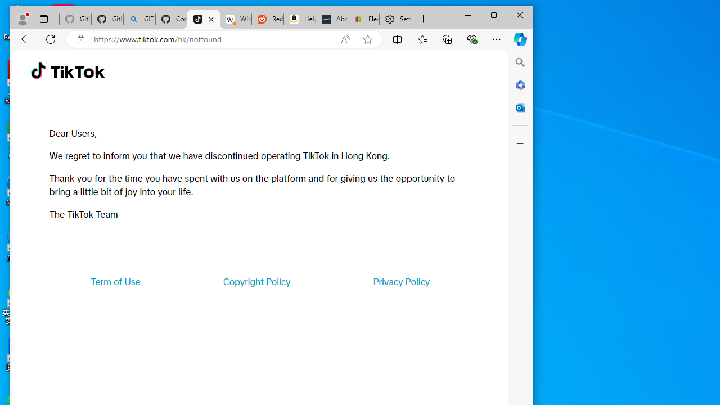 This screenshot has height=405, width=720. I want to click on 'Term of Use', so click(115, 281).